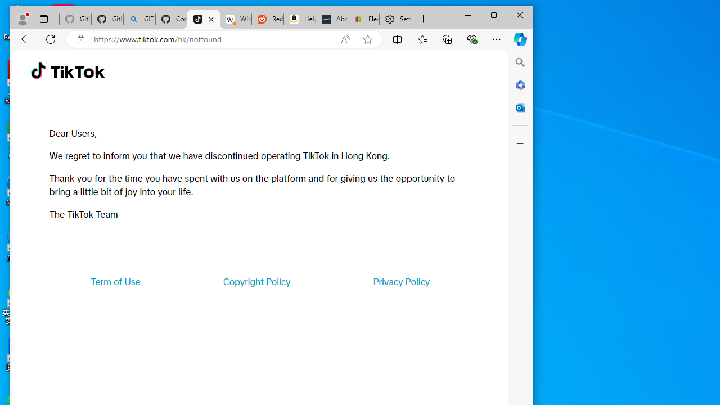 This screenshot has height=405, width=720. I want to click on 'Term of Use', so click(115, 281).